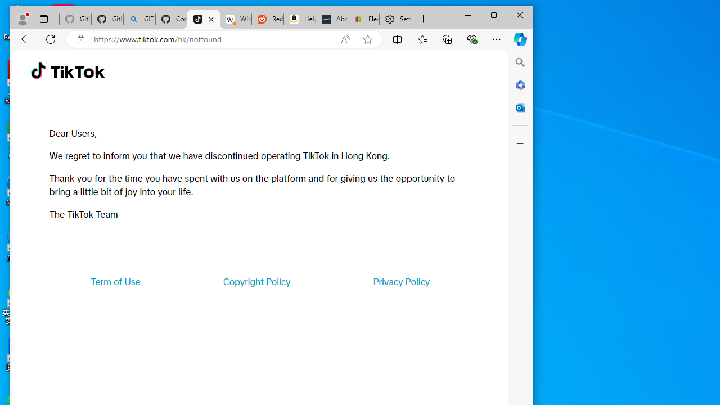 This screenshot has height=405, width=720. I want to click on 'Term of Use', so click(115, 281).